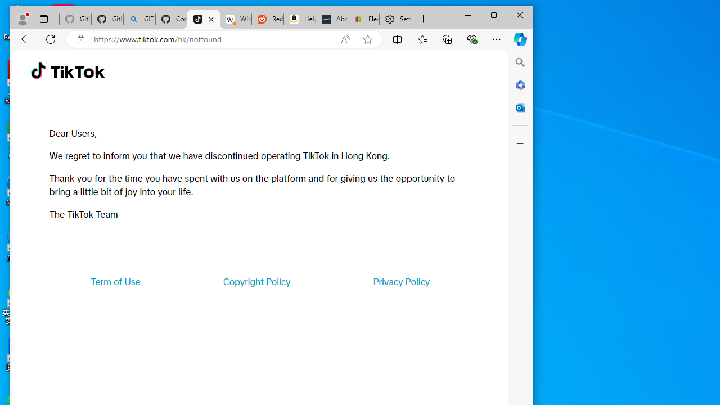 This screenshot has height=405, width=720. I want to click on 'Term of Use', so click(115, 281).